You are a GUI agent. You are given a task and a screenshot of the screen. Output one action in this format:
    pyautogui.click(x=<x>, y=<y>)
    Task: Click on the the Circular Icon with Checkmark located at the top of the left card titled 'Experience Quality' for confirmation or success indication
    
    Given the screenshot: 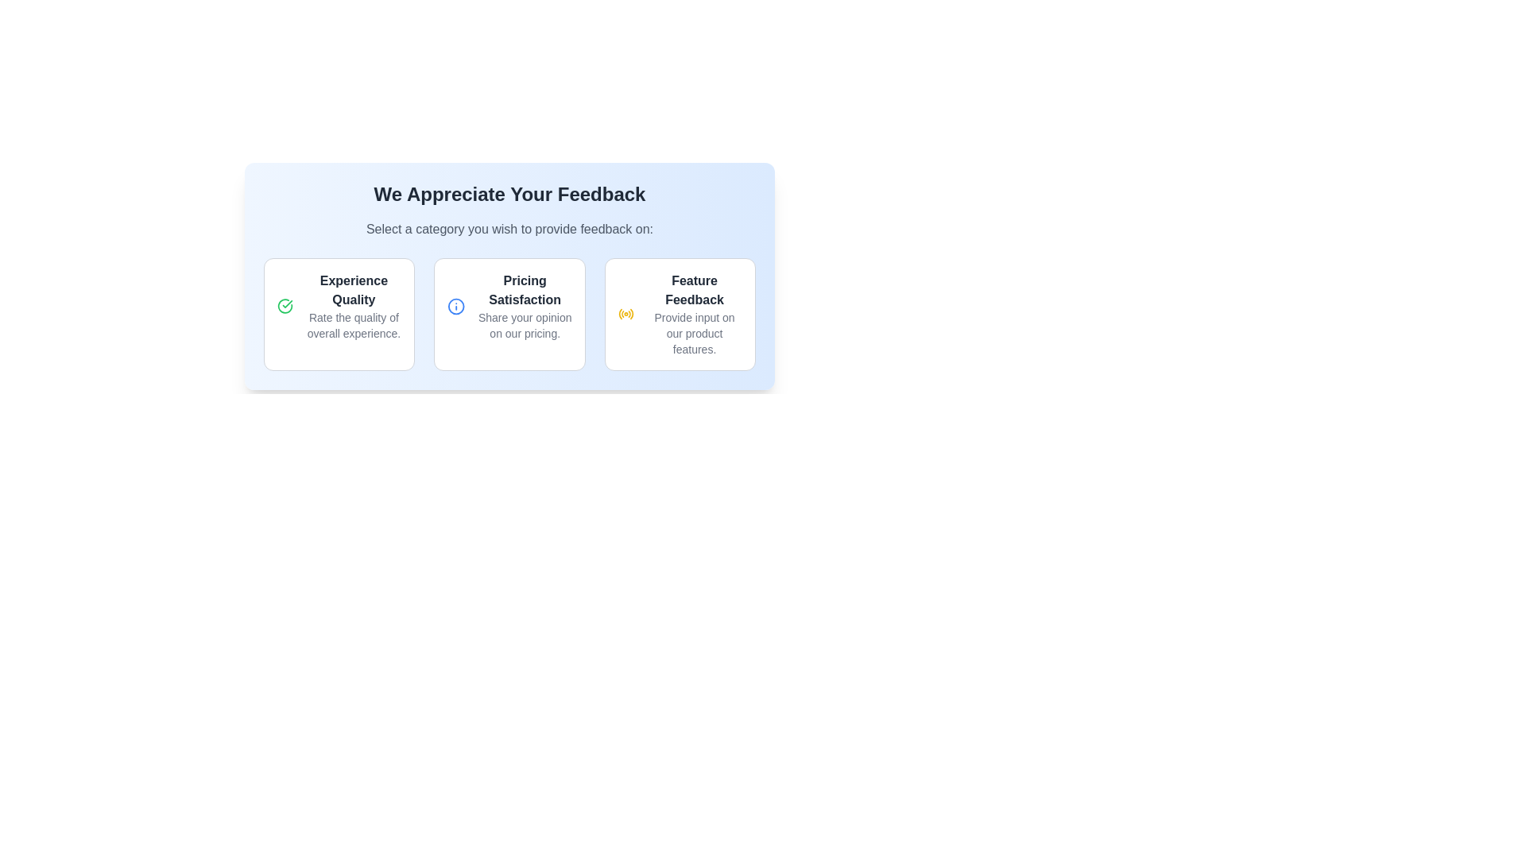 What is the action you would take?
    pyautogui.click(x=285, y=306)
    